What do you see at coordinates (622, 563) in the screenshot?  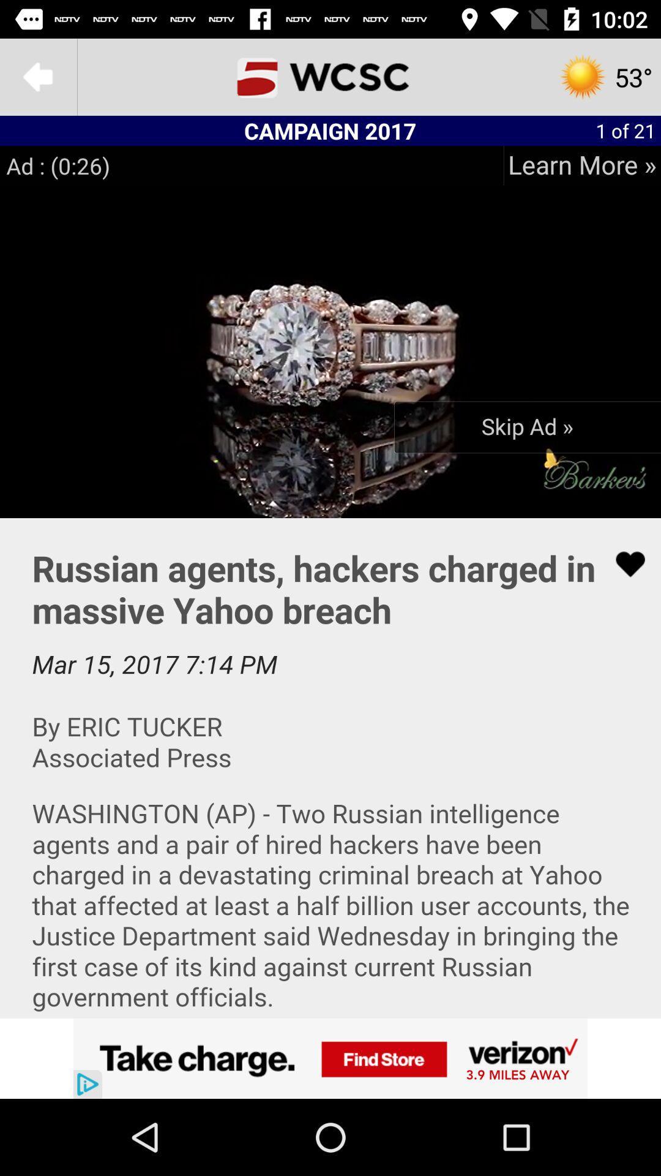 I see `the favorite icon` at bounding box center [622, 563].